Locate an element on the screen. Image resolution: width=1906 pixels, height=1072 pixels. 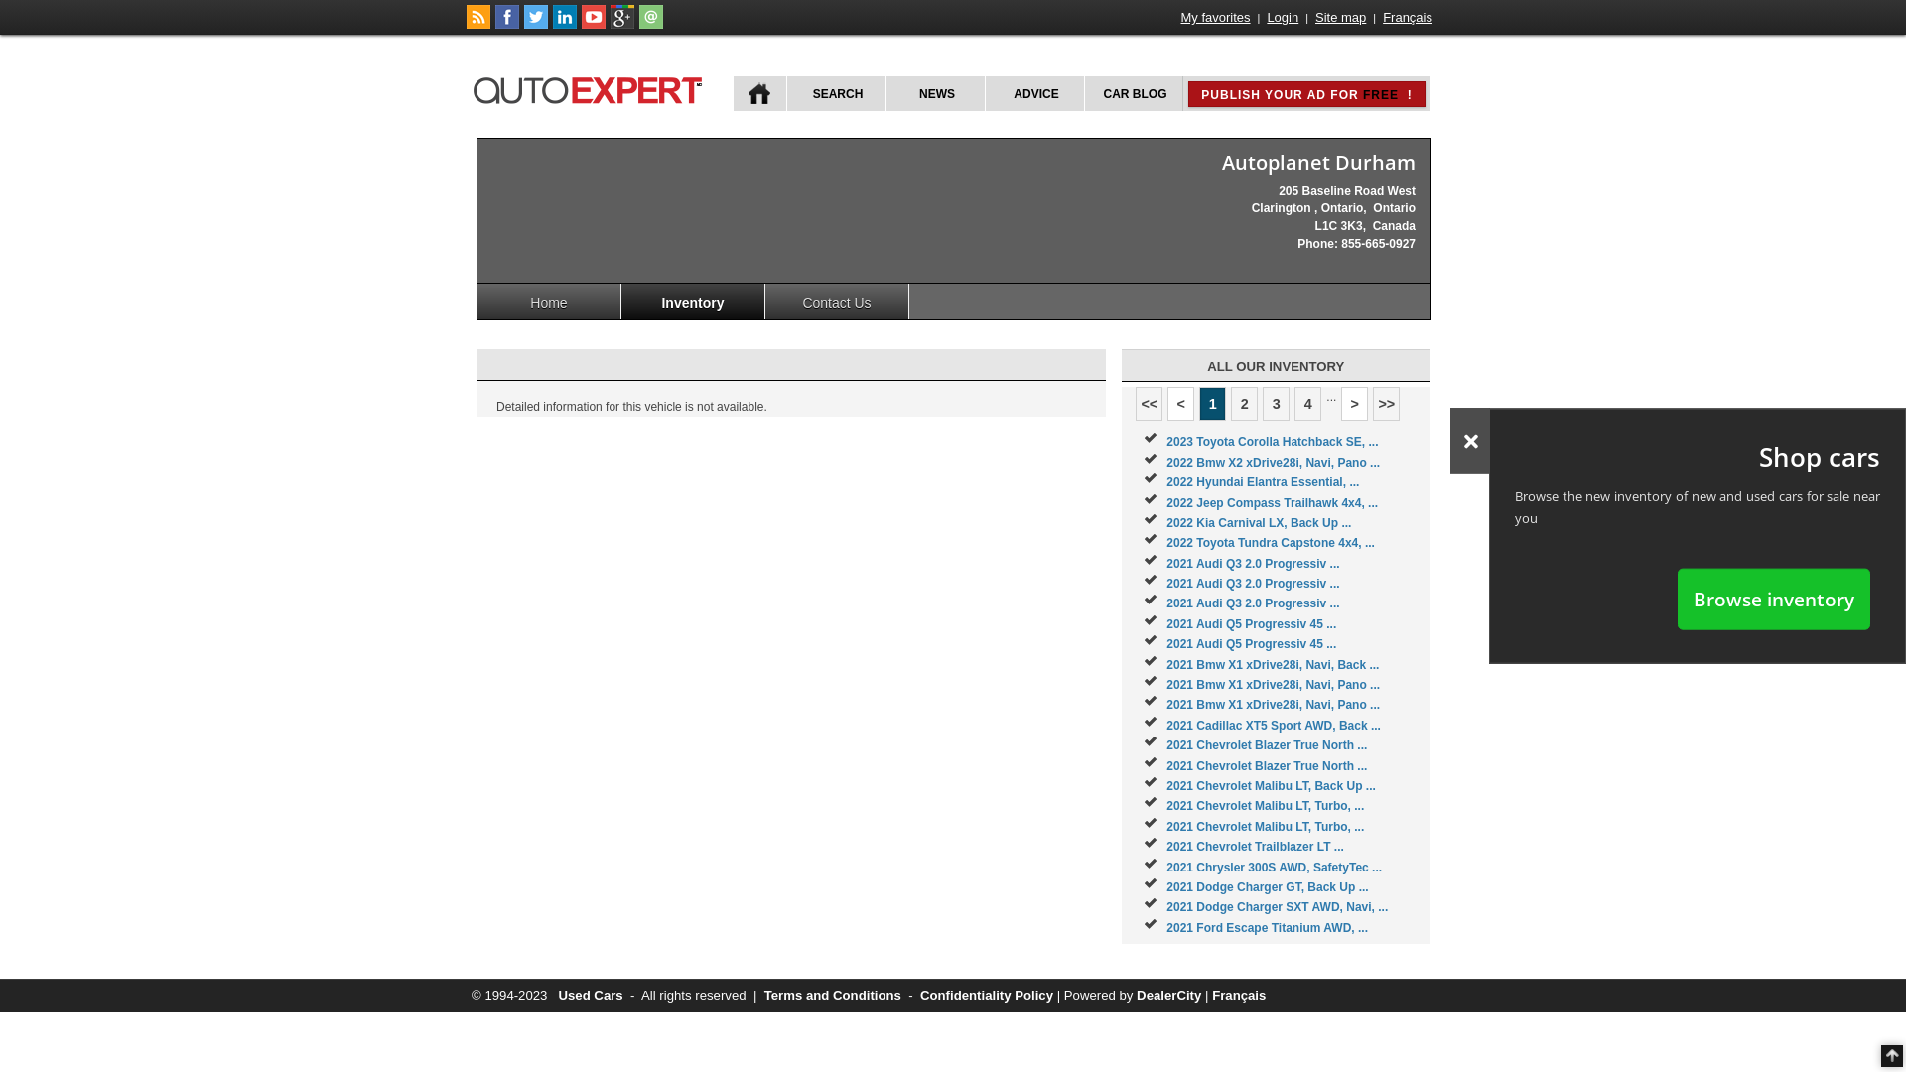
'2021 Dodge Charger SXT AWD, Navi, ...' is located at coordinates (1277, 907).